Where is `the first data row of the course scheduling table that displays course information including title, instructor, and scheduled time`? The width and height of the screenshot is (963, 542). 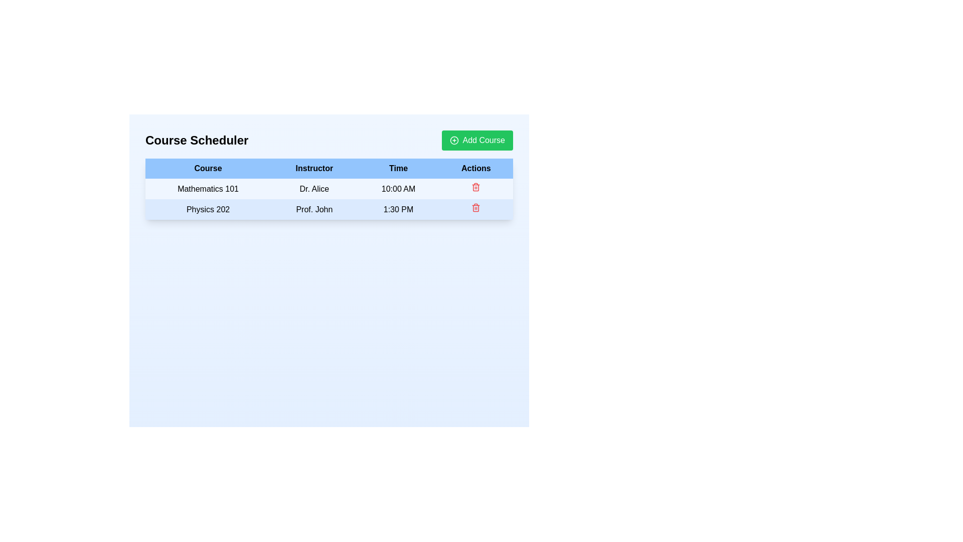 the first data row of the course scheduling table that displays course information including title, instructor, and scheduled time is located at coordinates (329, 199).